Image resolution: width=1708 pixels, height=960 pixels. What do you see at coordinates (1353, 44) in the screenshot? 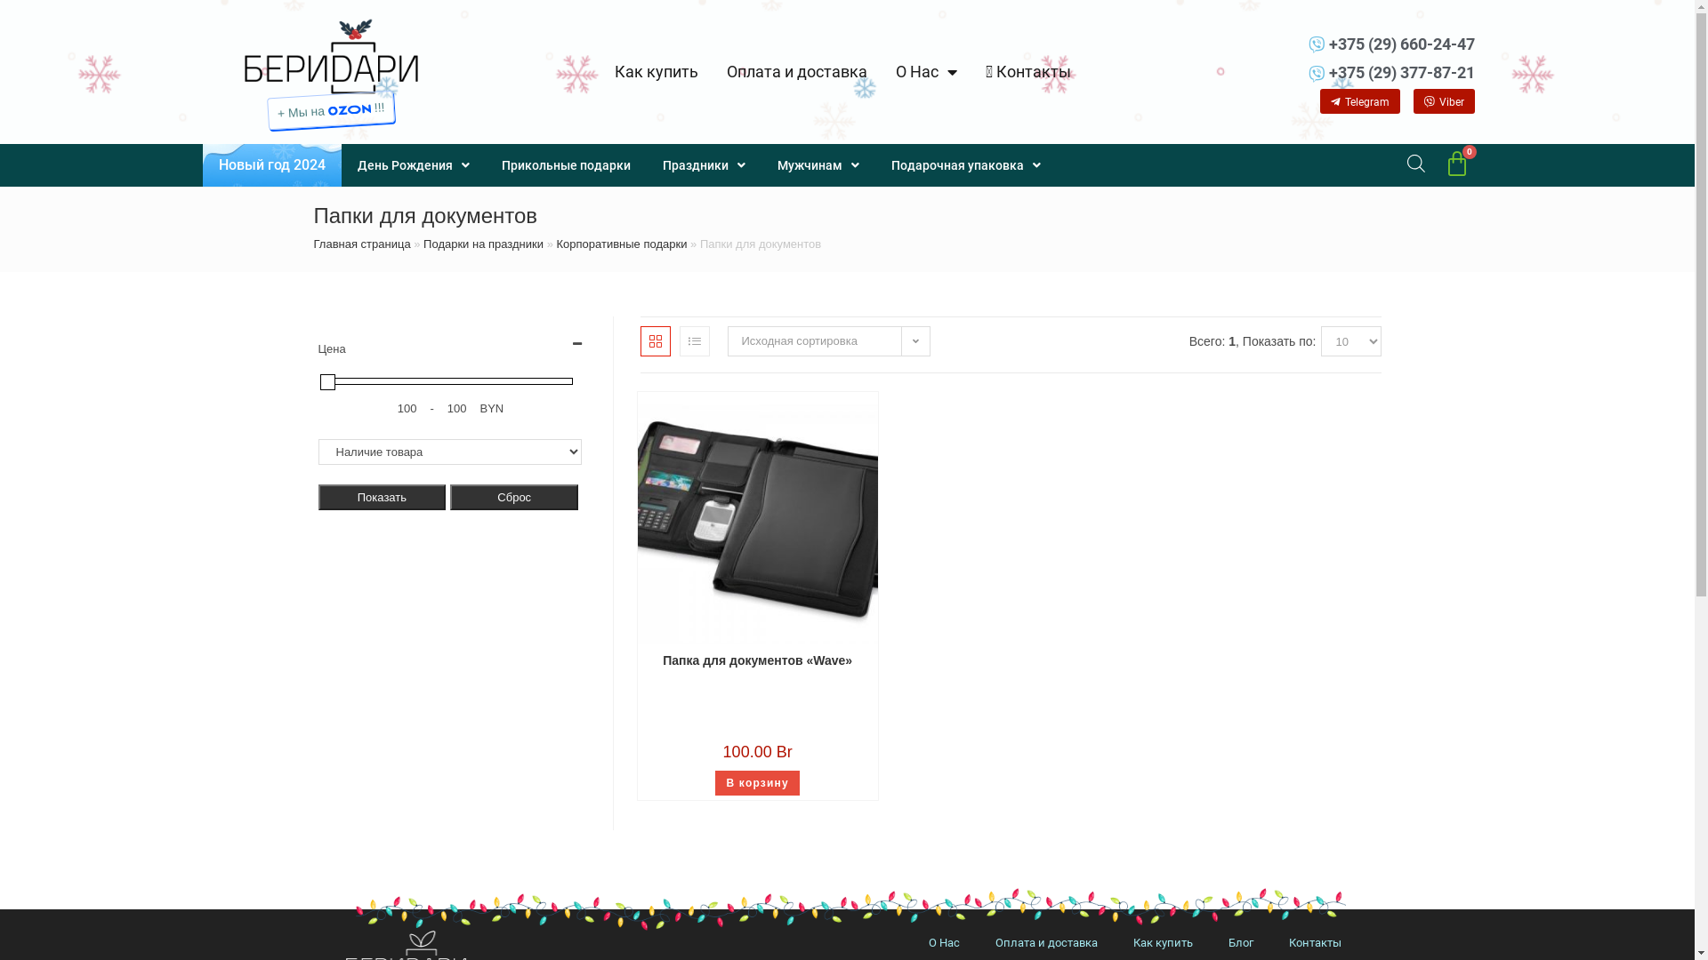
I see `'+375 (29) 660-24-47'` at bounding box center [1353, 44].